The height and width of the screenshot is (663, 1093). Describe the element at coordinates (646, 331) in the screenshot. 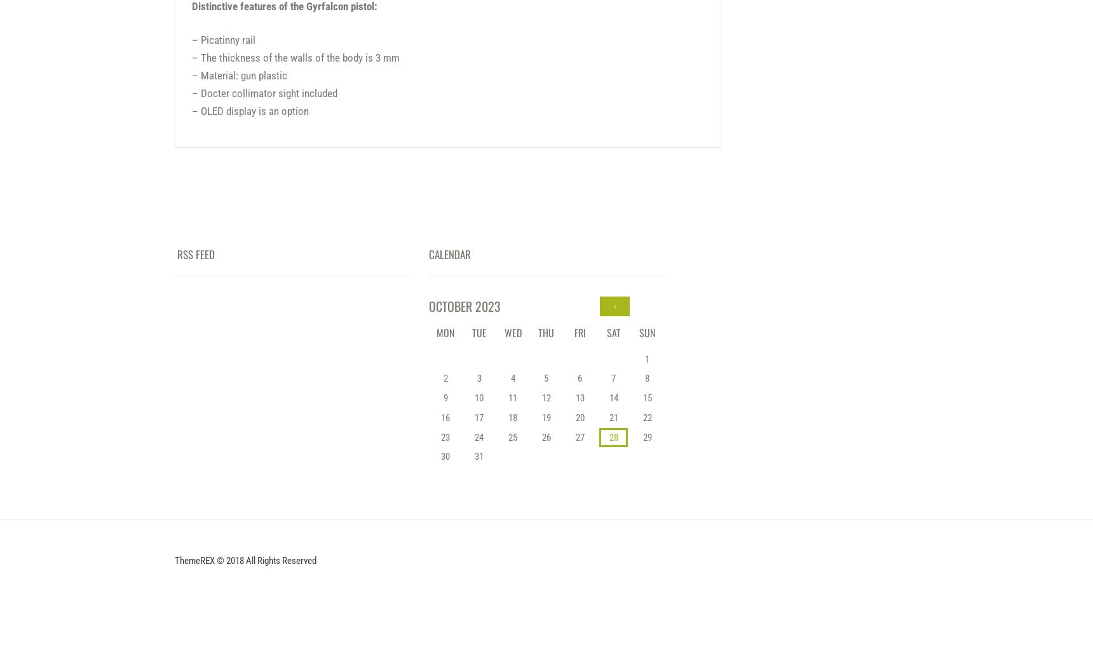

I see `'Sun'` at that location.